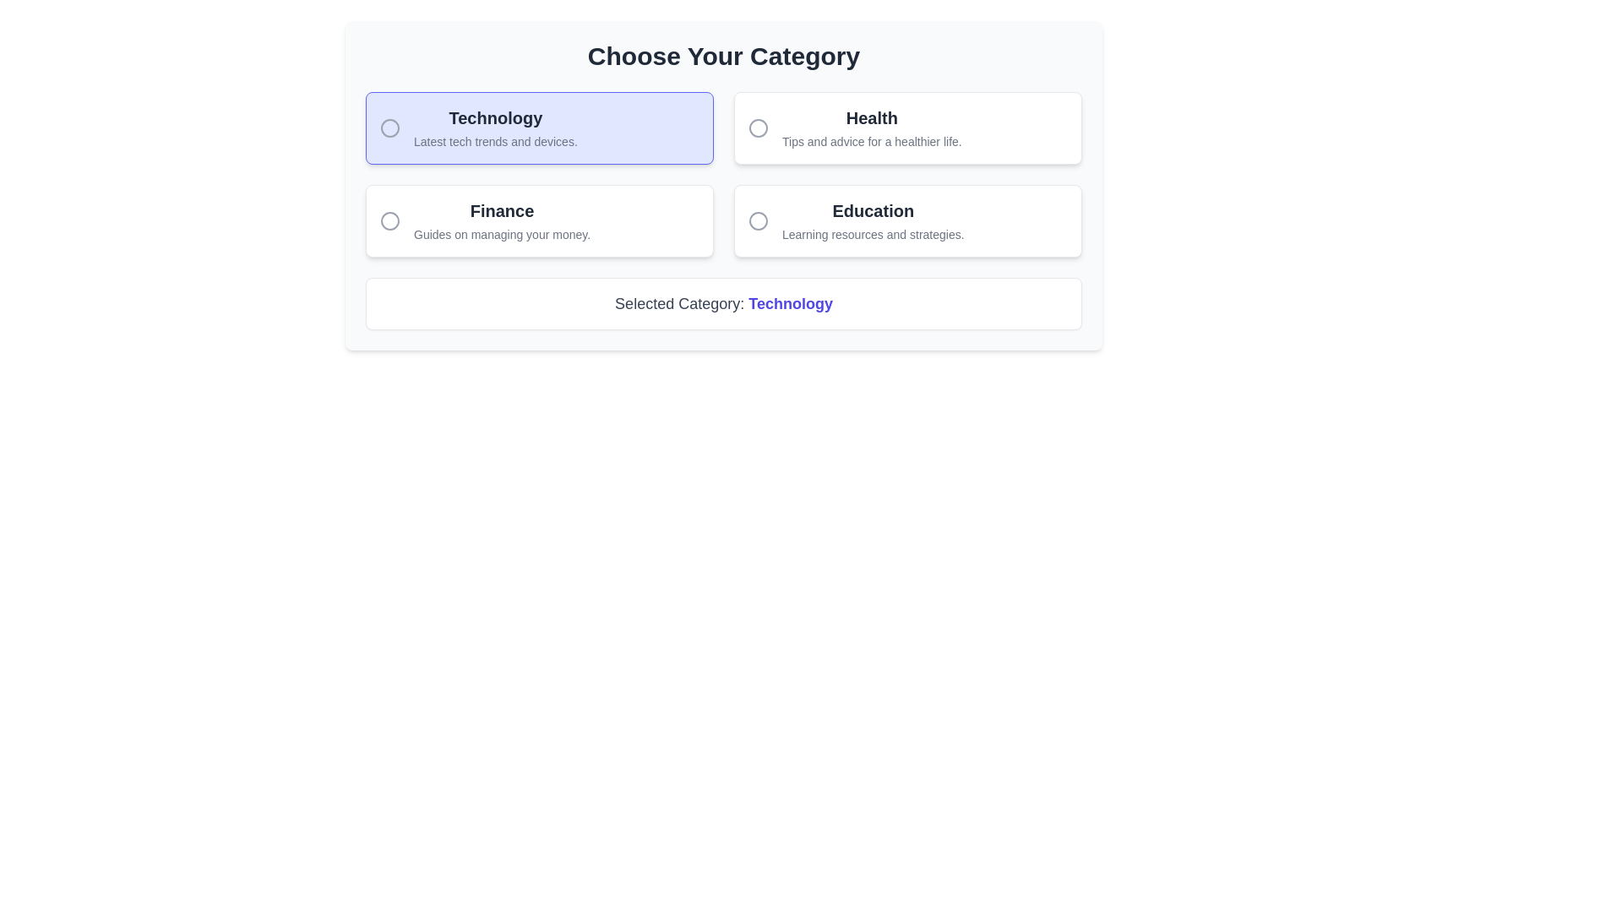  I want to click on the static text label displaying 'Technology' in bold indigo-colored font, located next to 'Selected Category:' at the bottom of the category selection panel, so click(790, 302).